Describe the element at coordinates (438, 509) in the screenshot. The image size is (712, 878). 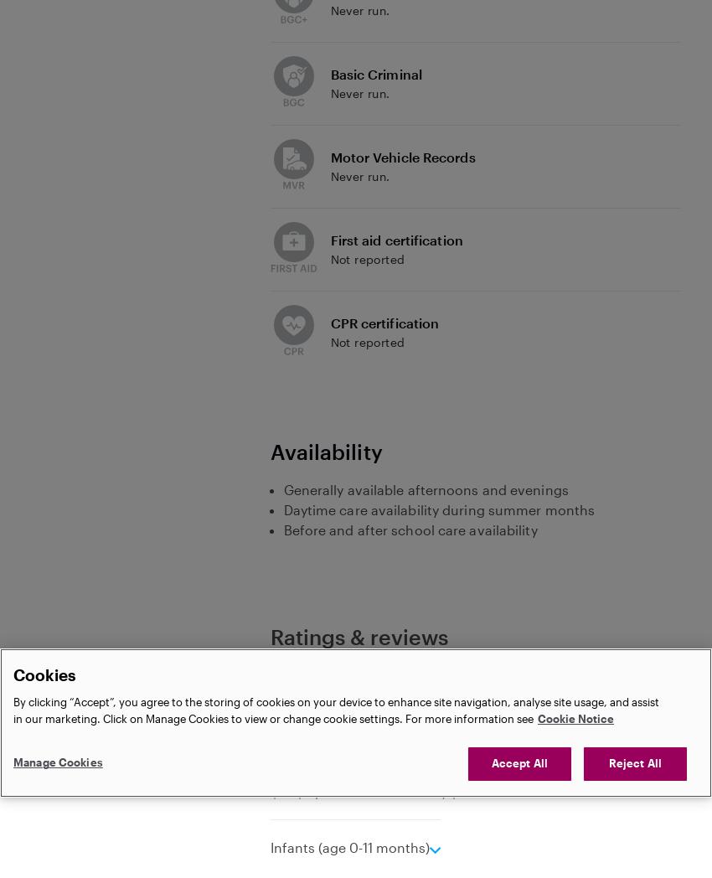
I see `'Daytime care availability during summer months'` at that location.